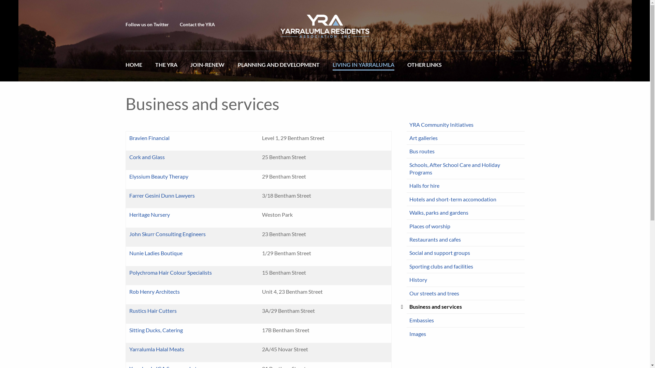  Describe the element at coordinates (155, 329) in the screenshot. I see `'Sitting Ducks, Catering'` at that location.